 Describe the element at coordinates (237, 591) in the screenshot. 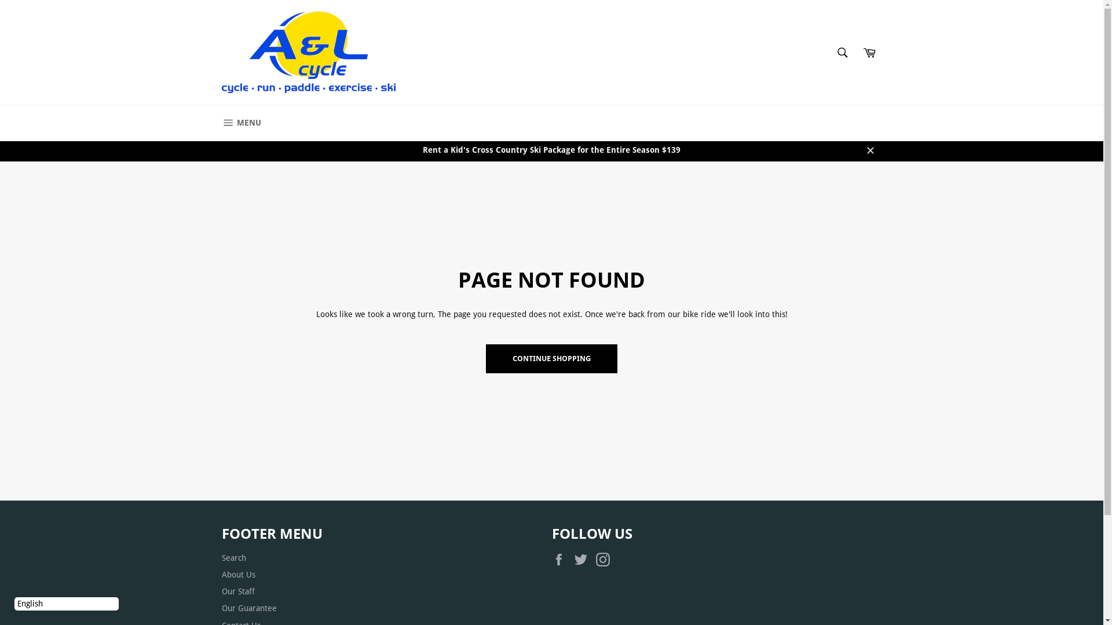

I see `'Our Staff'` at that location.